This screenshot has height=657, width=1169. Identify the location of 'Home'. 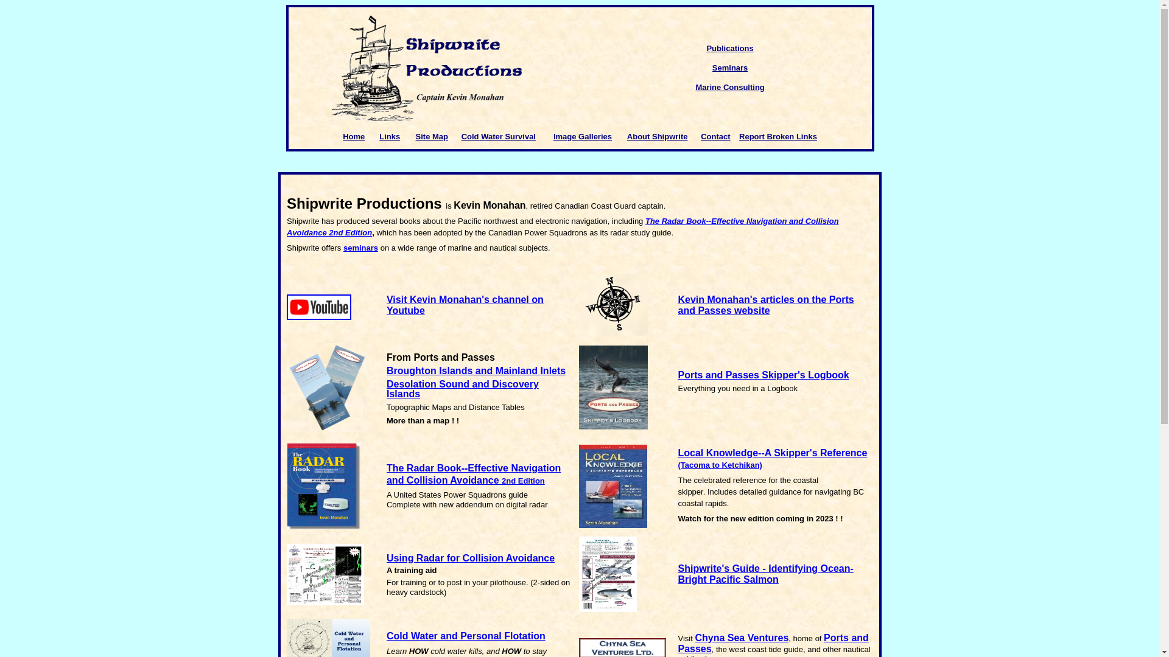
(353, 136).